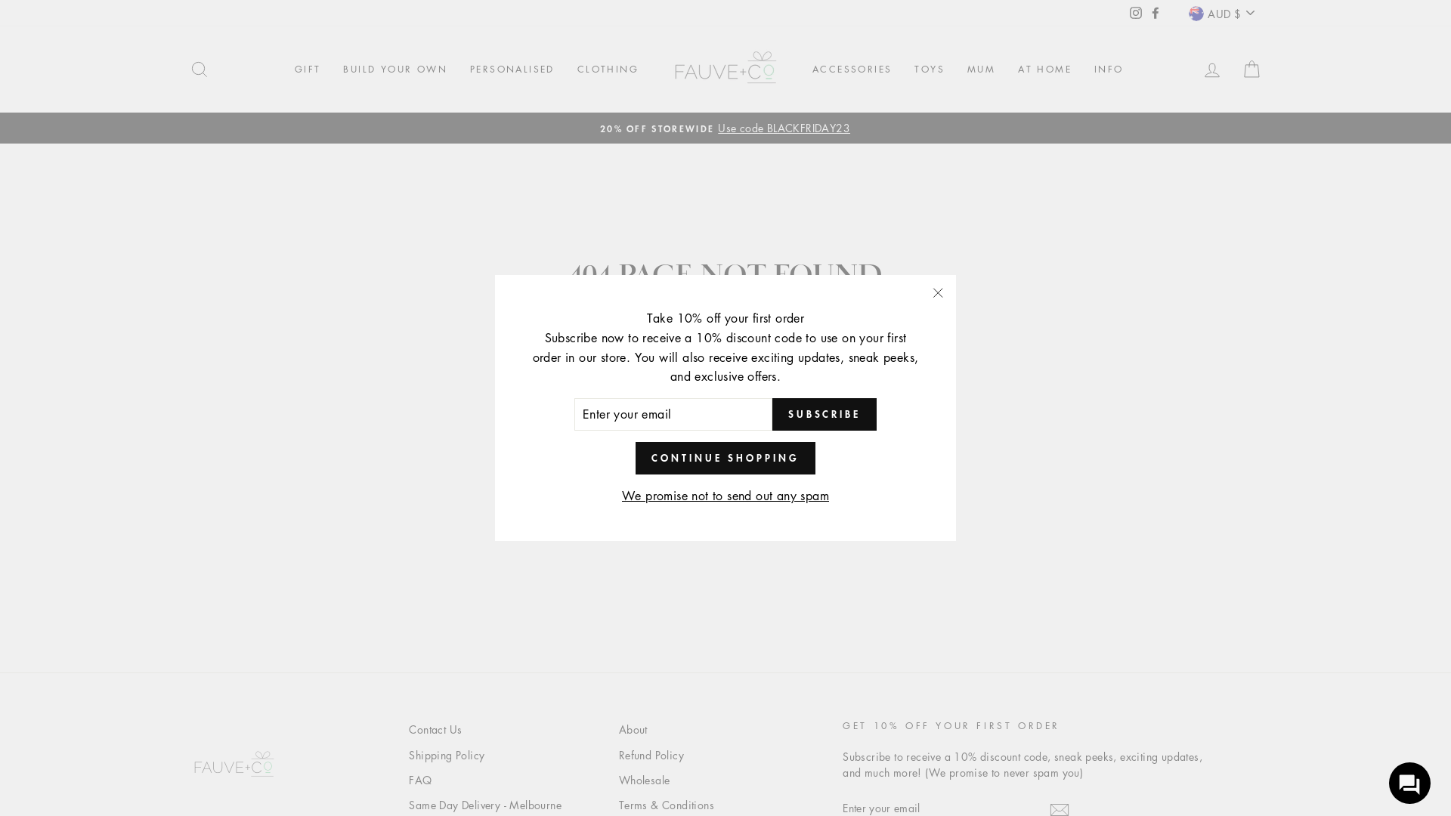 This screenshot has height=816, width=1451. What do you see at coordinates (1221, 13) in the screenshot?
I see `'AUD $'` at bounding box center [1221, 13].